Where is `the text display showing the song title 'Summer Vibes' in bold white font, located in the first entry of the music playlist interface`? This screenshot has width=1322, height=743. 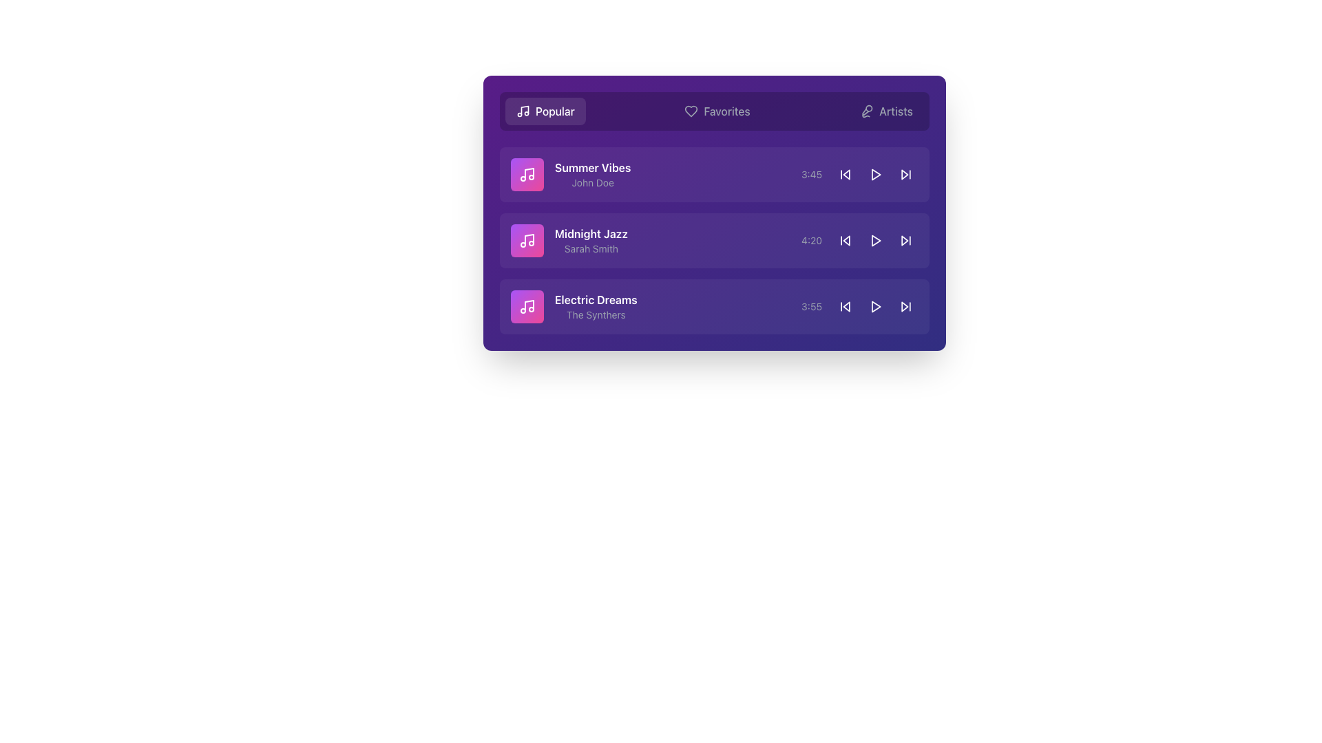
the text display showing the song title 'Summer Vibes' in bold white font, located in the first entry of the music playlist interface is located at coordinates (593, 174).